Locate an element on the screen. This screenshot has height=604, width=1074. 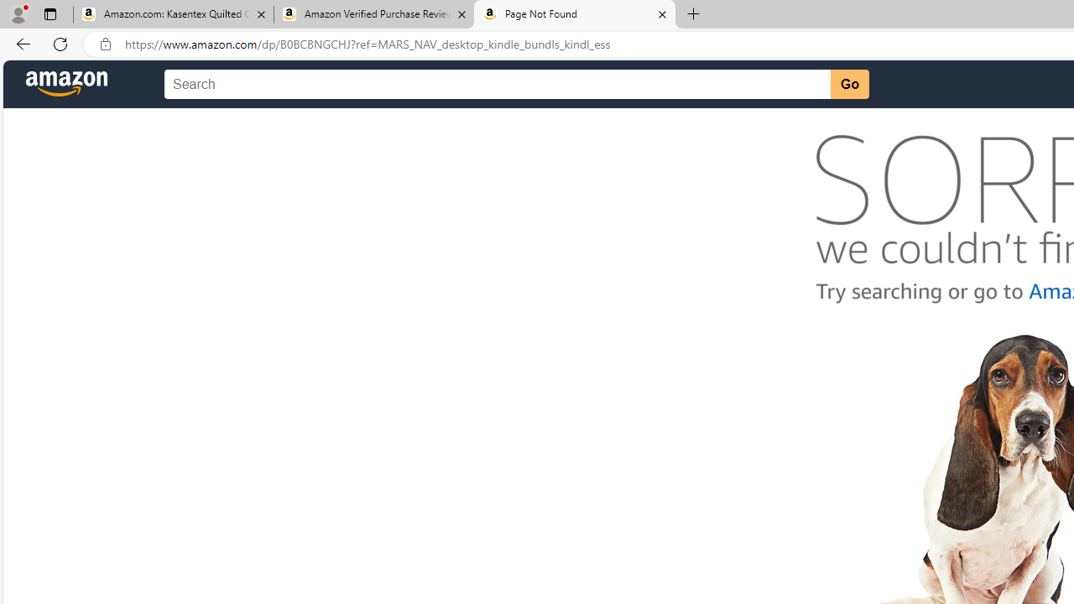
'Amazon Verified Purchase Reviews - Amazon Customer Service' is located at coordinates (373, 14).